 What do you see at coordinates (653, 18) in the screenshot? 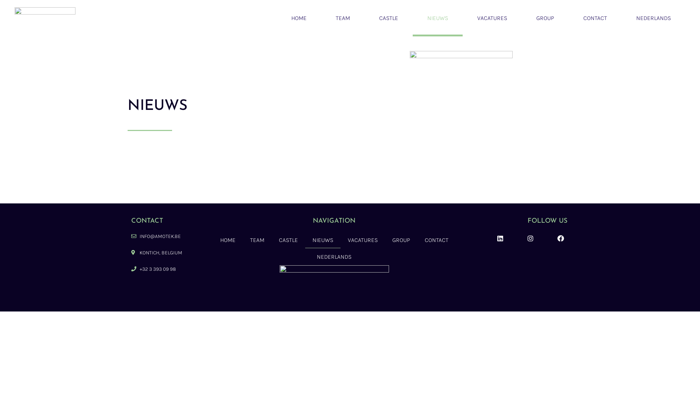
I see `'NEDERLANDS'` at bounding box center [653, 18].